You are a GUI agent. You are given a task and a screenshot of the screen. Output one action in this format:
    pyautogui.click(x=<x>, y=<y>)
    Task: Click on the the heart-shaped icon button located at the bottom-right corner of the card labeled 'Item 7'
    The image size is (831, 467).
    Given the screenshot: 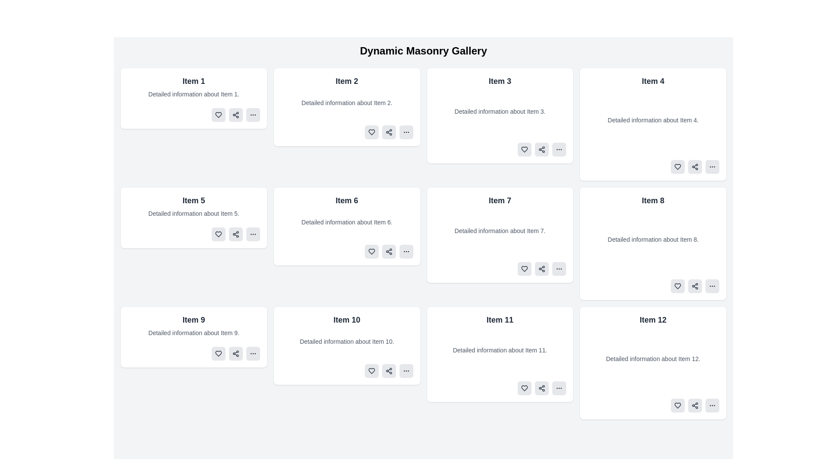 What is the action you would take?
    pyautogui.click(x=524, y=268)
    